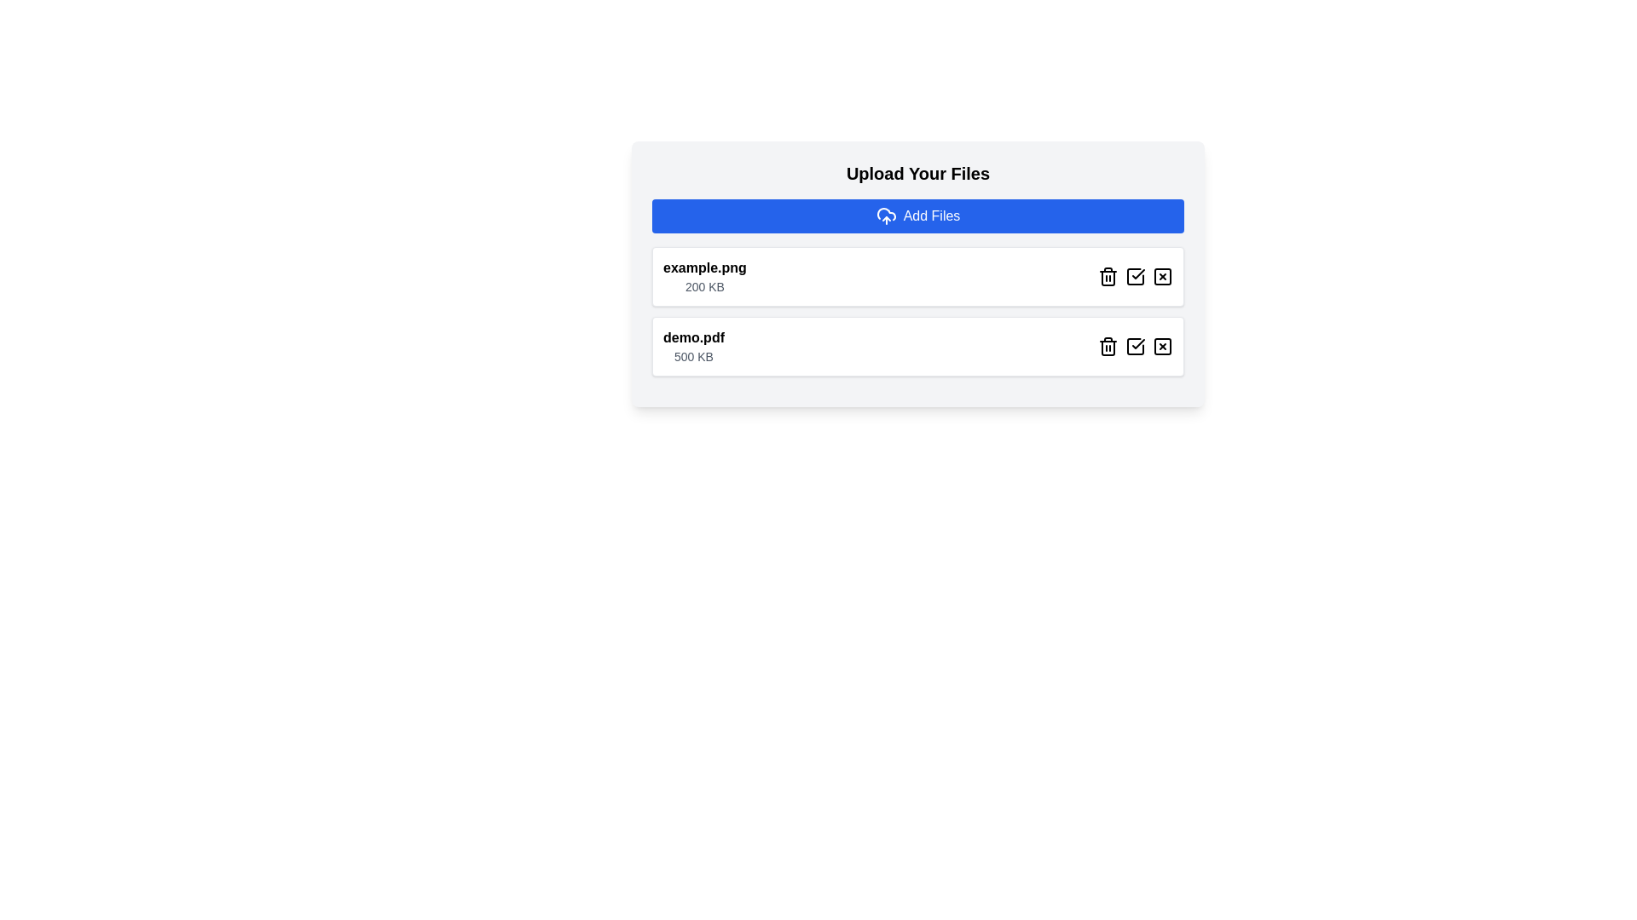  I want to click on the icon button resembling a square box with an 'X' at the far-right side of the second file item, so click(1161, 346).